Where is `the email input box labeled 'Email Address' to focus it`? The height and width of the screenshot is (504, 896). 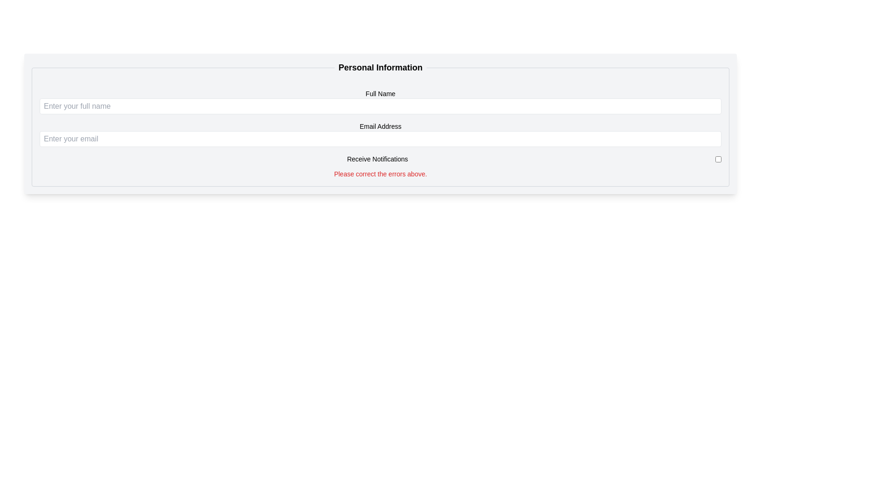 the email input box labeled 'Email Address' to focus it is located at coordinates (380, 134).